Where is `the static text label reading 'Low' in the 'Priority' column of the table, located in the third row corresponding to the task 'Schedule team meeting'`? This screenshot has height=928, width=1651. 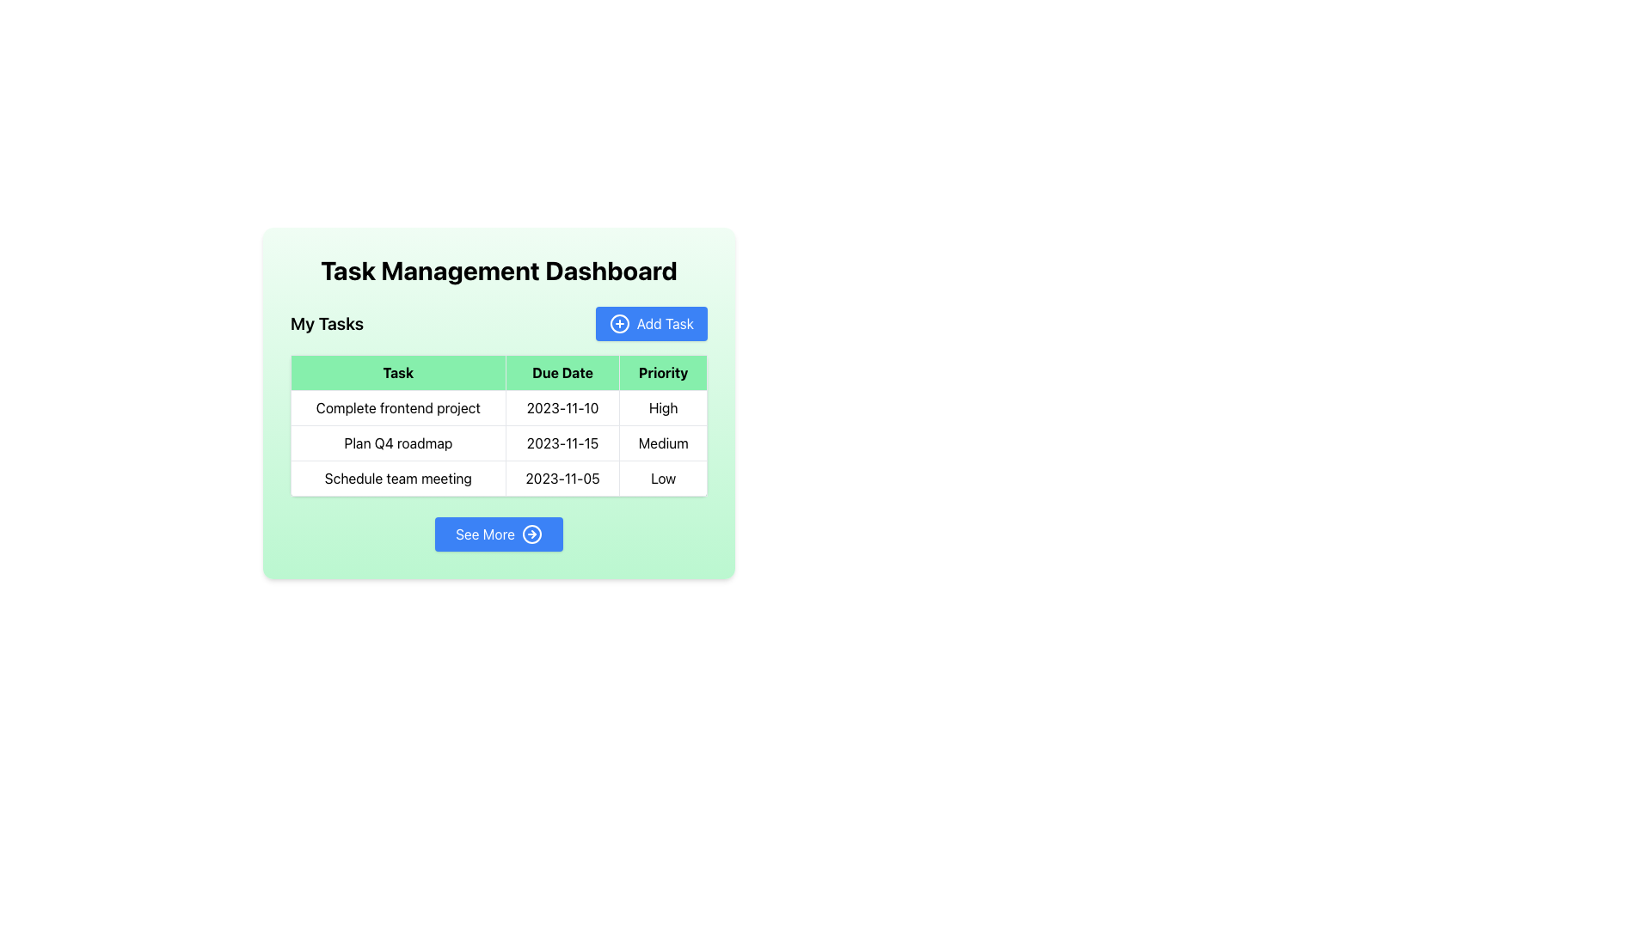
the static text label reading 'Low' in the 'Priority' column of the table, located in the third row corresponding to the task 'Schedule team meeting' is located at coordinates (662, 478).